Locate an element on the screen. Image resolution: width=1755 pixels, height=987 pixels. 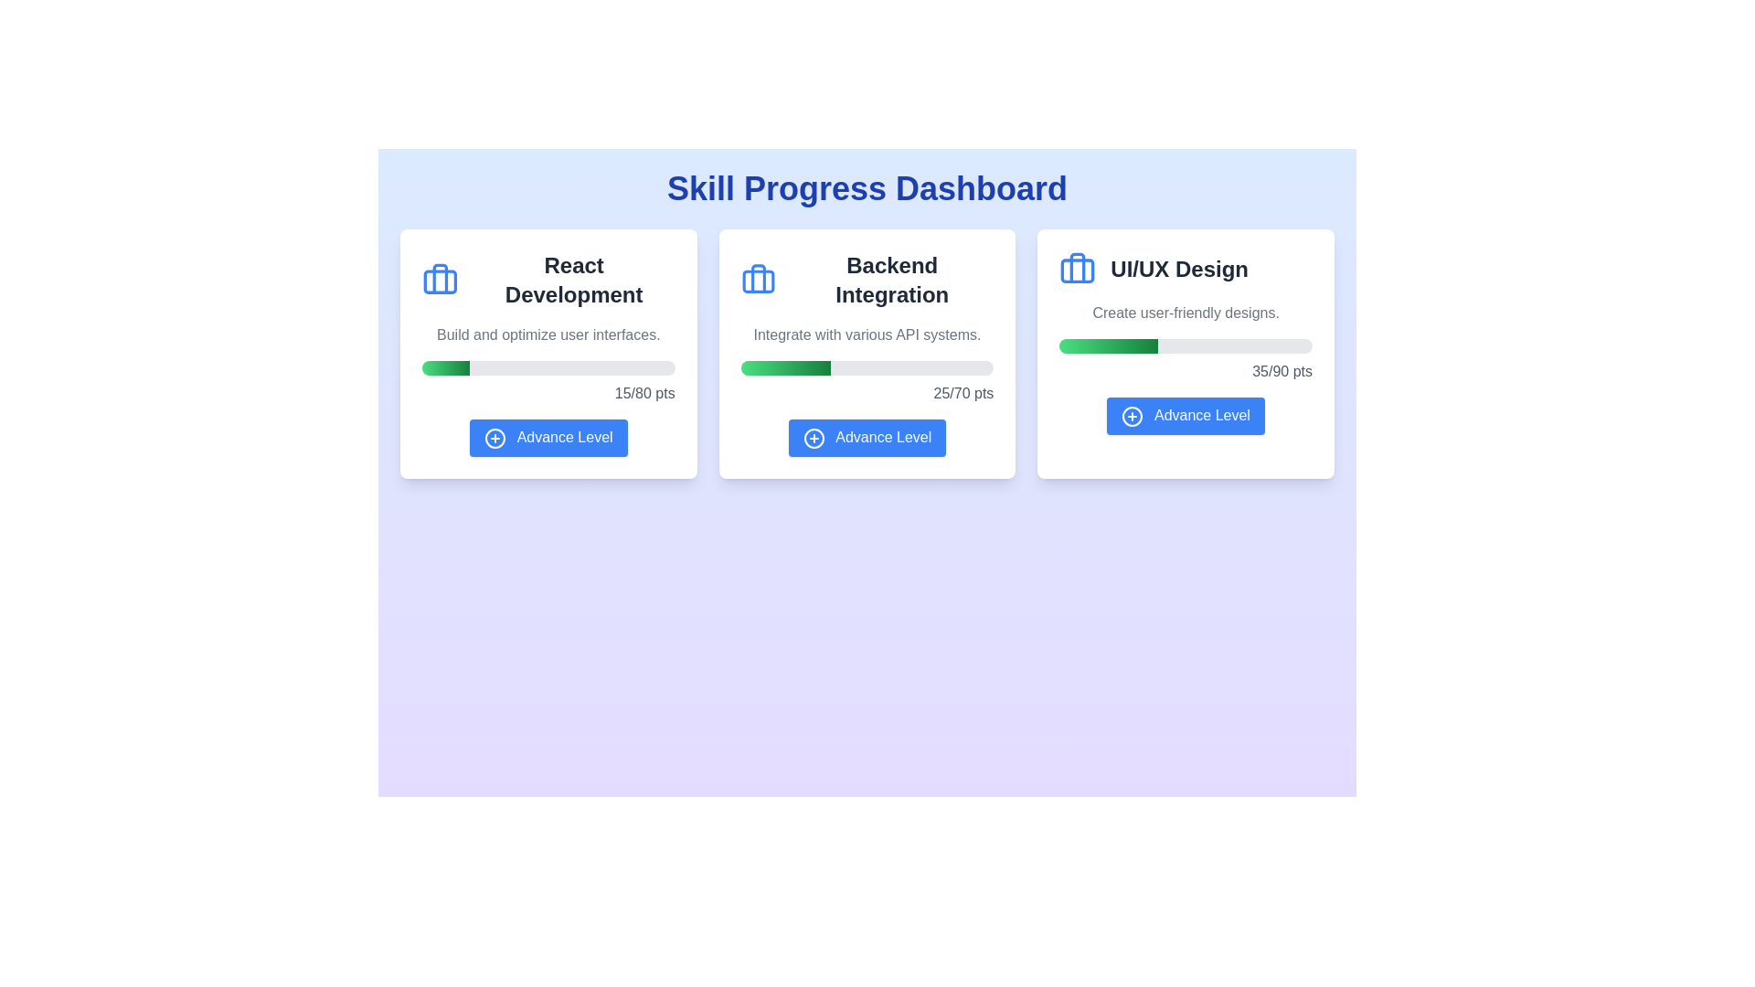
the icon representing the professional skill or task within the 'UI/UX Design' card, located at the top-left corner, above the textual content is located at coordinates (1078, 269).